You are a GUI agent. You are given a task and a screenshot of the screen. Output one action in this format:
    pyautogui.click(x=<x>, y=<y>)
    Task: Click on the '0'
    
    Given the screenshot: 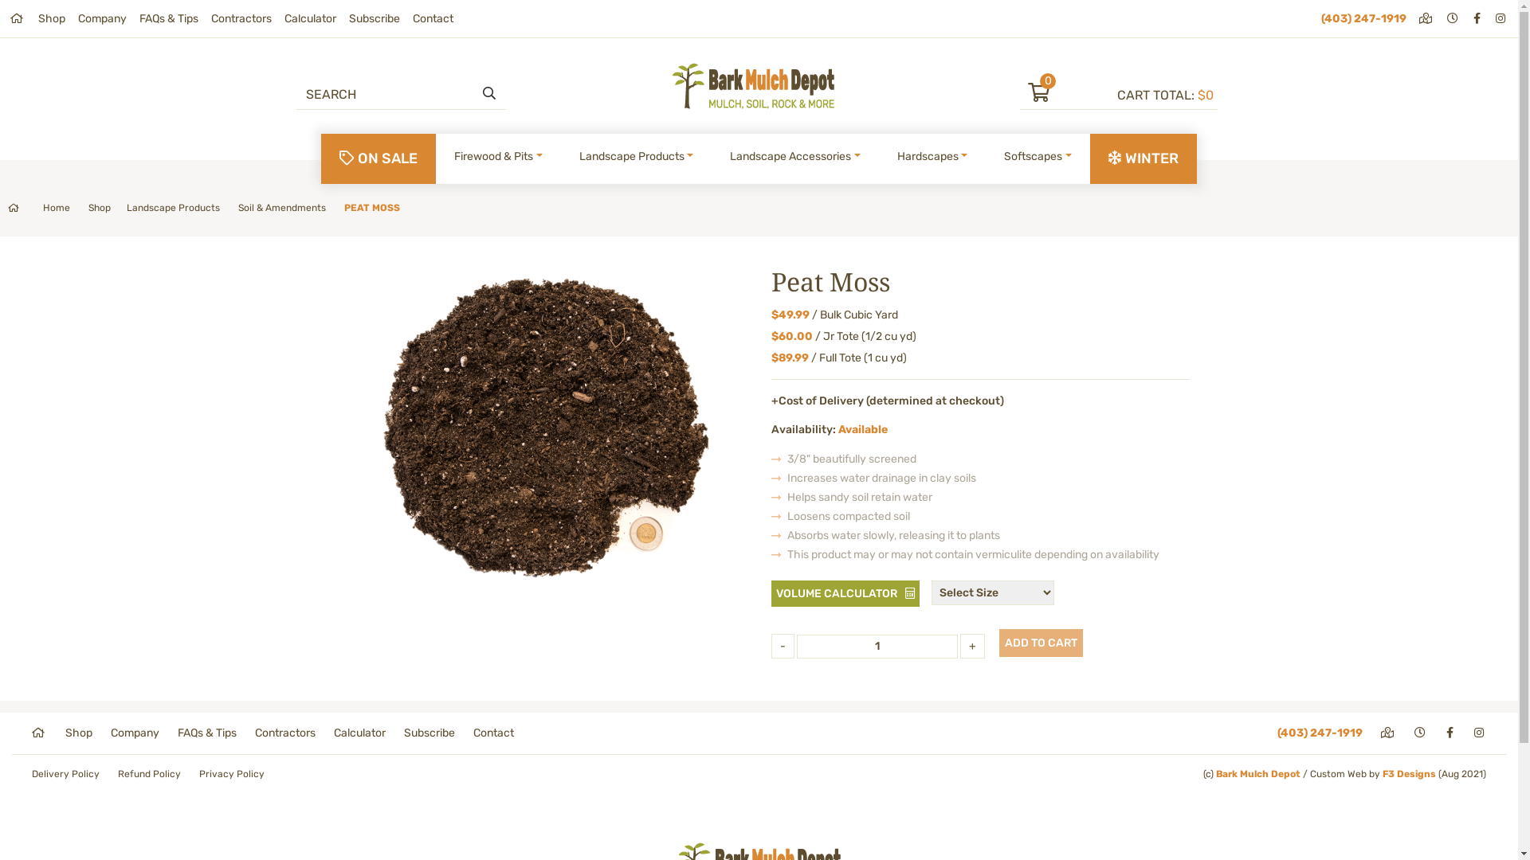 What is the action you would take?
    pyautogui.click(x=1068, y=95)
    